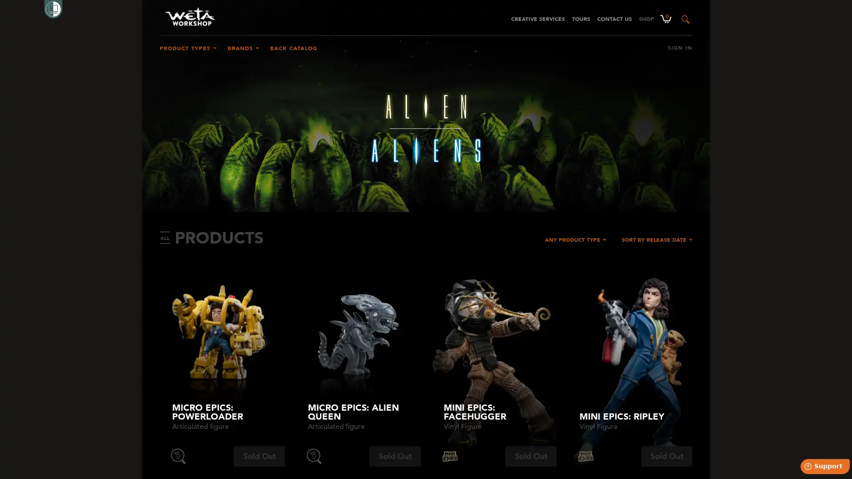 Image resolution: width=852 pixels, height=479 pixels. What do you see at coordinates (667, 456) in the screenshot?
I see `Sold Out` at bounding box center [667, 456].